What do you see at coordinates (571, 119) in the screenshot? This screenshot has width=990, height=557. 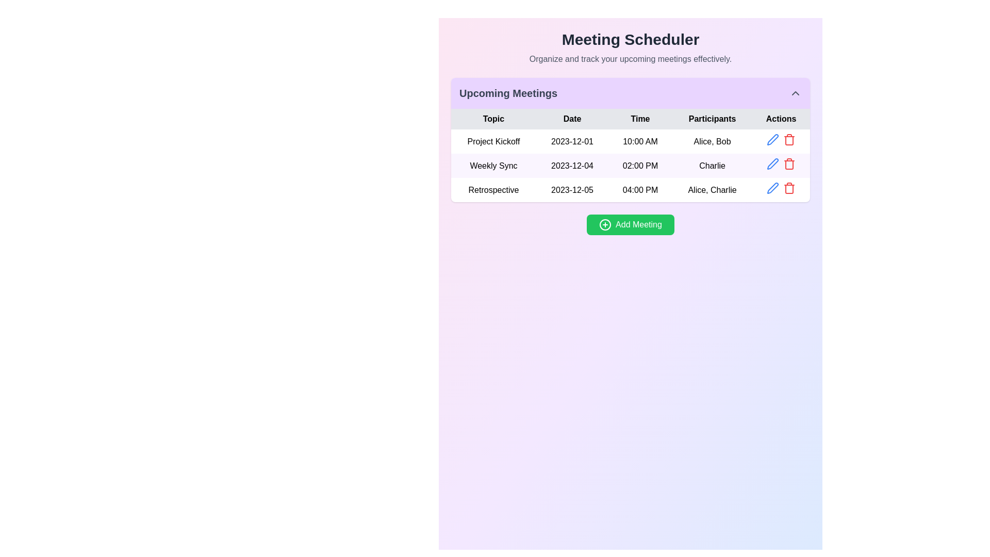 I see `the 'Date' label, which is the second header item in the table's header row, positioned between 'Topic' and 'Time'` at bounding box center [571, 119].